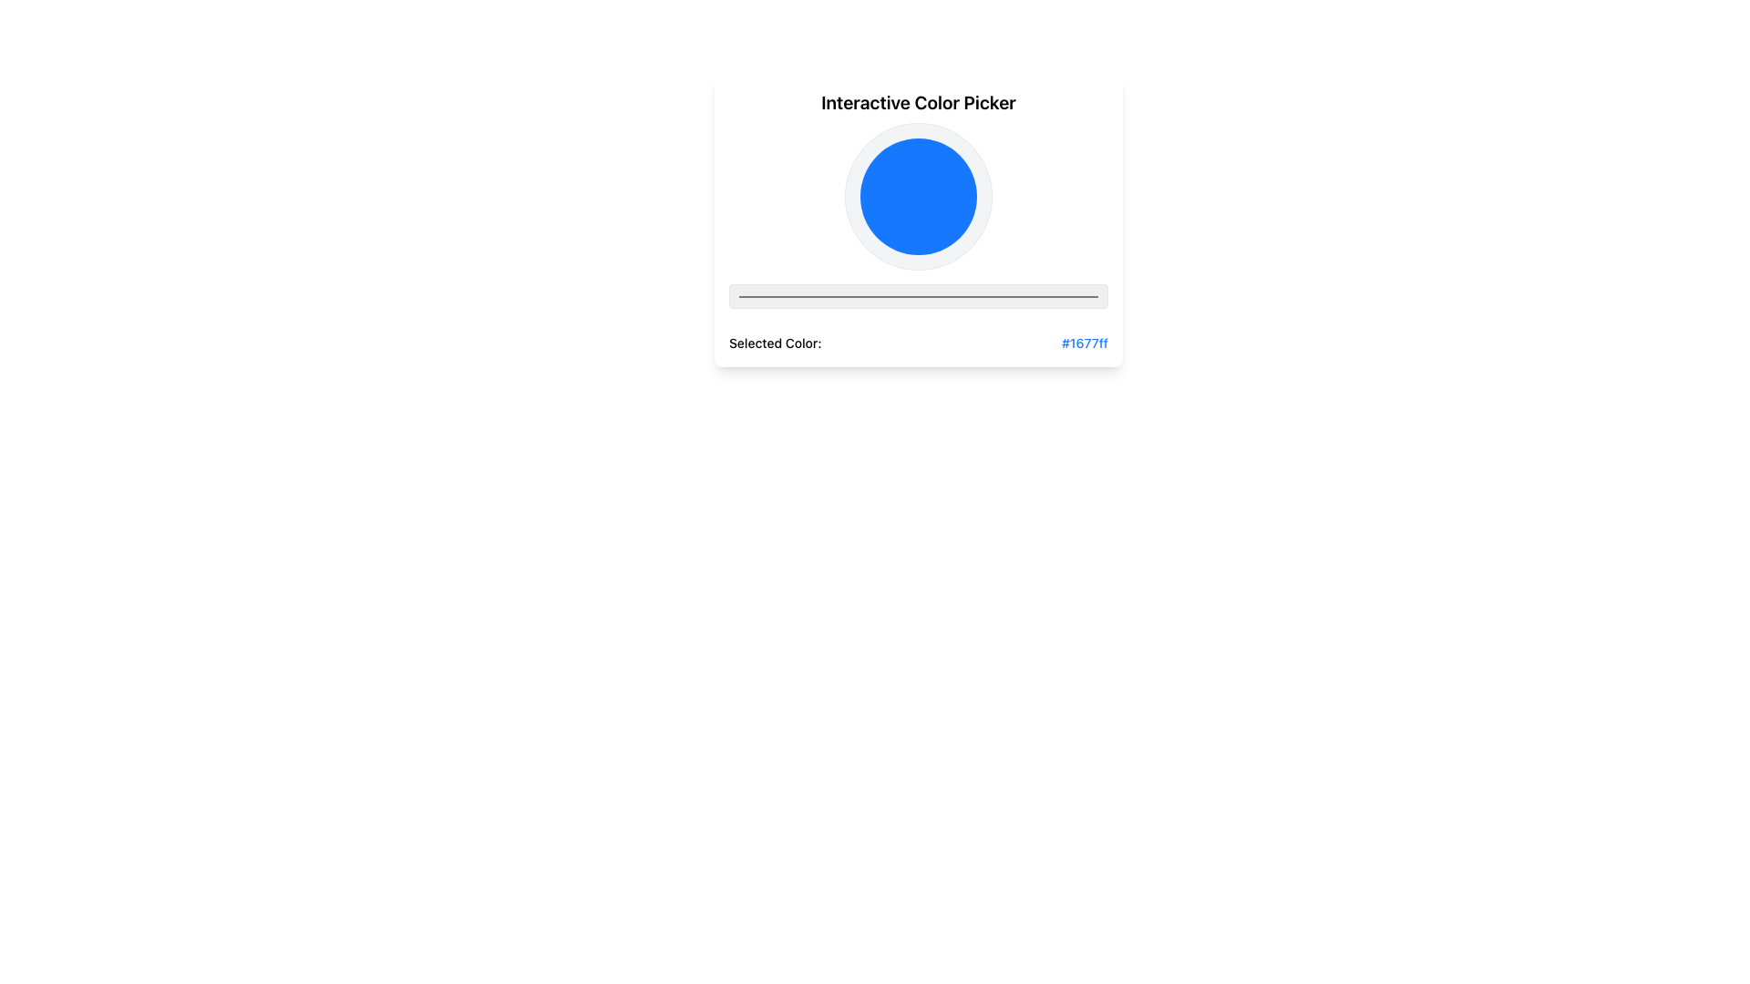  What do you see at coordinates (1085, 343) in the screenshot?
I see `the Static Text displaying '#1677ff' in a blue font, located to the right of the 'Selected Color:' label` at bounding box center [1085, 343].